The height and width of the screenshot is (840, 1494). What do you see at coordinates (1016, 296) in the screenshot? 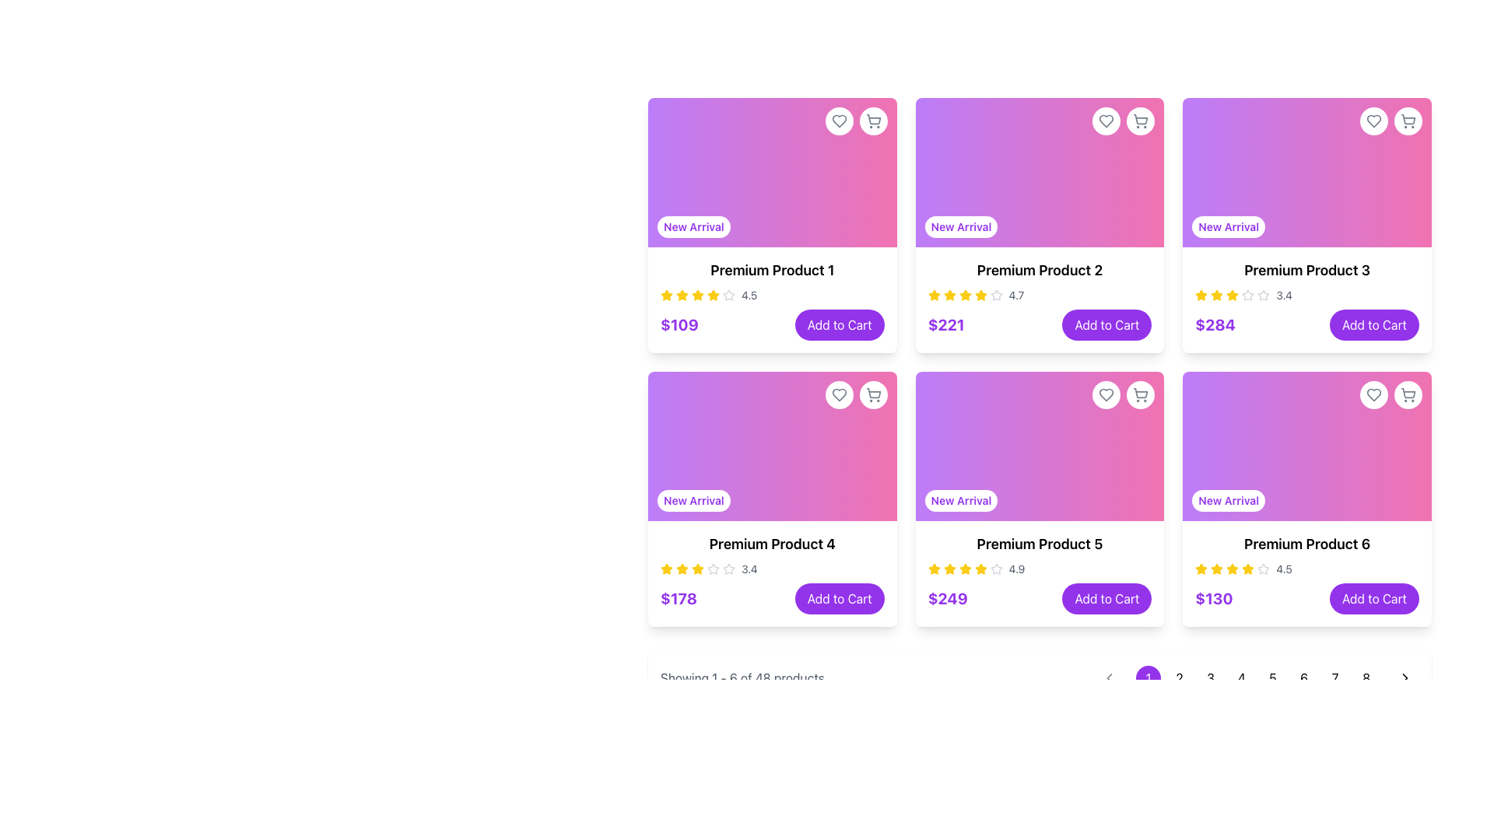
I see `the text displaying the numerical value '4.7'` at bounding box center [1016, 296].